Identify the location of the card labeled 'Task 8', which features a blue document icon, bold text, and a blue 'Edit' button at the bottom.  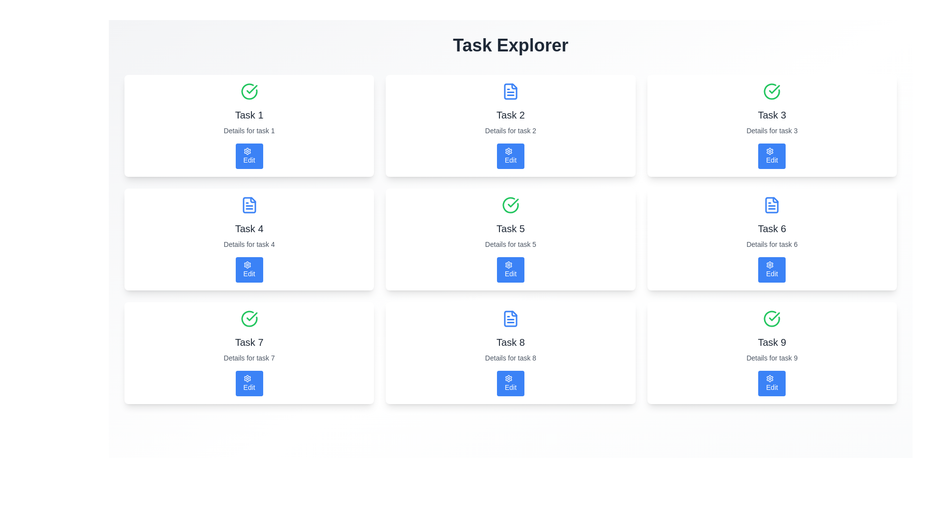
(510, 353).